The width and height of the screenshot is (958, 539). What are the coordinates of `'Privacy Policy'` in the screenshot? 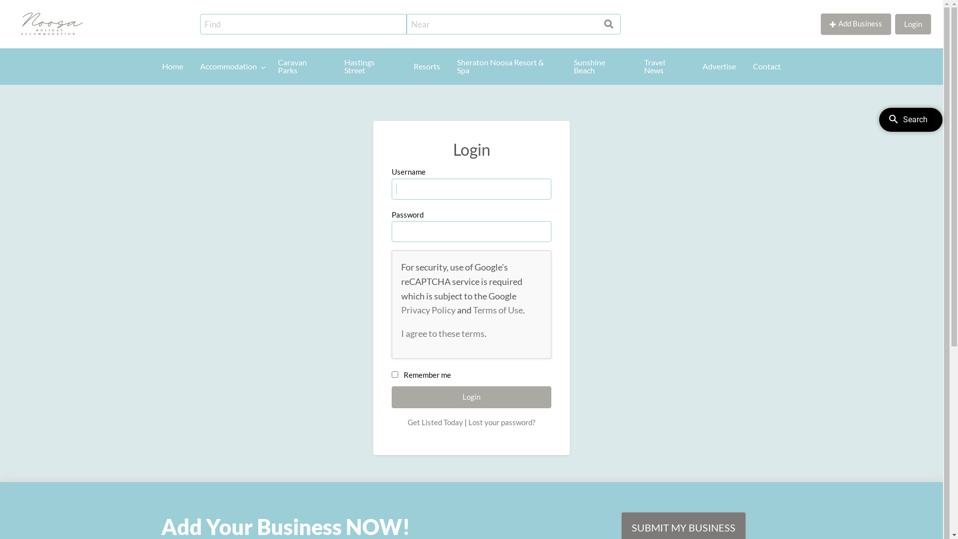 It's located at (428, 309).